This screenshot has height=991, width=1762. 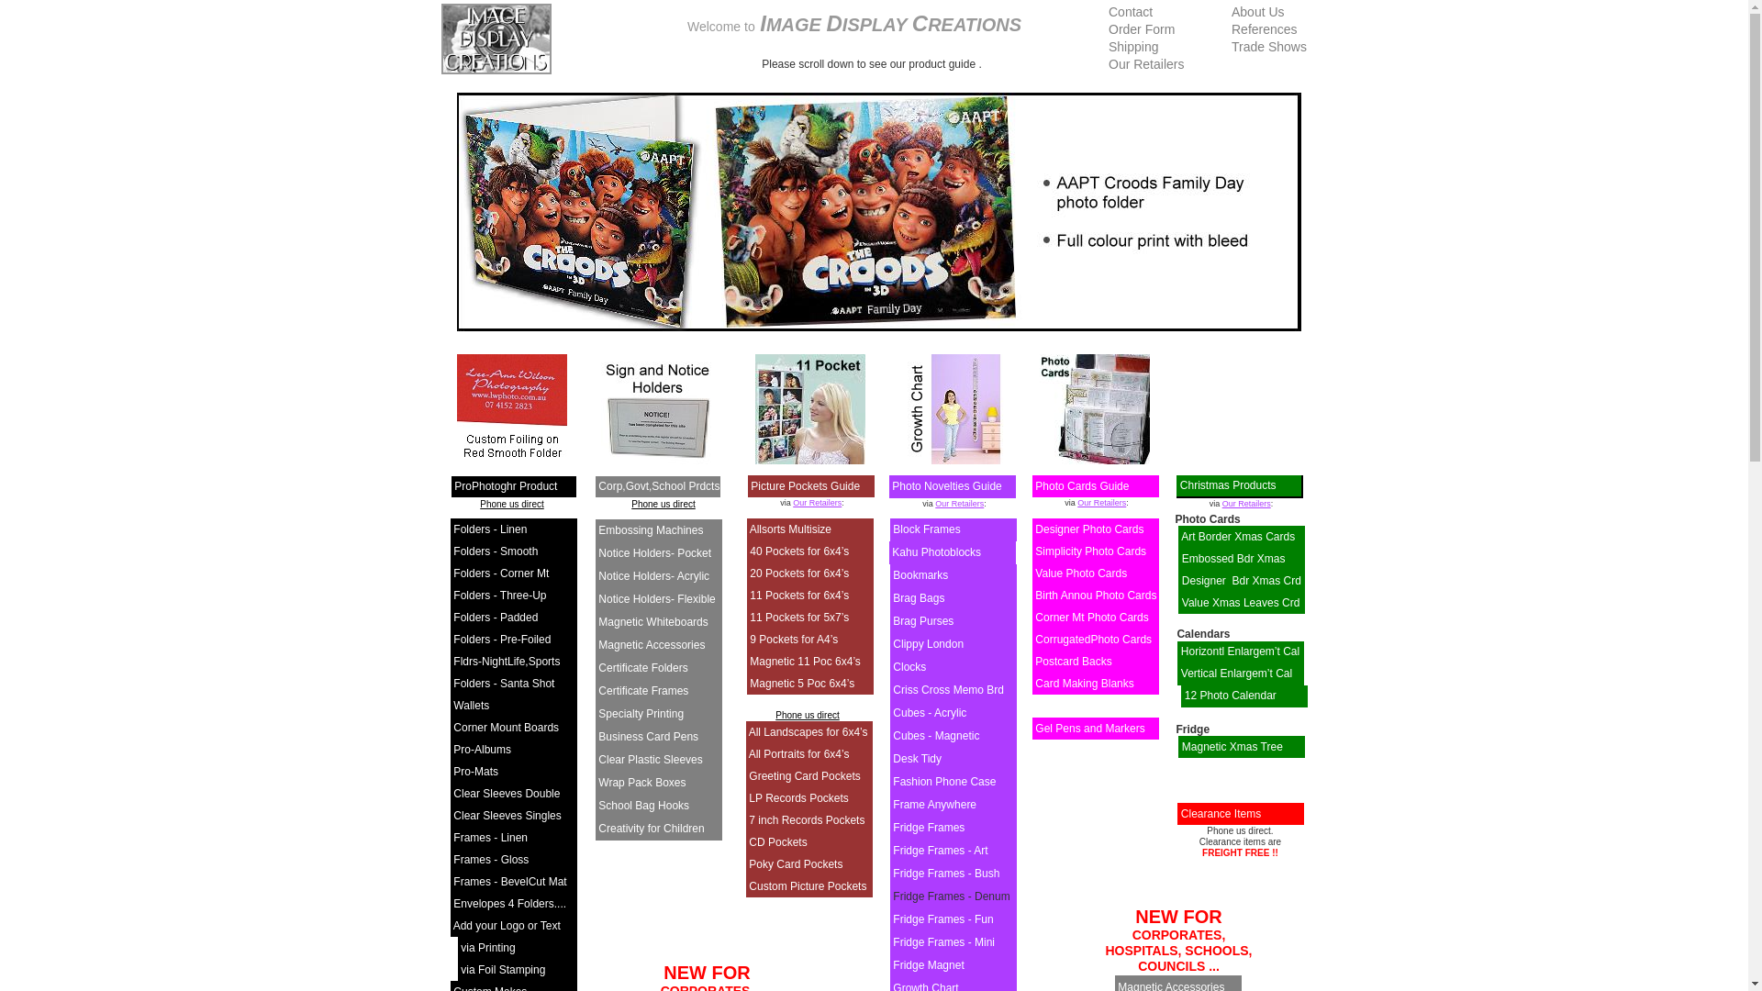 I want to click on 'Allsorts Multisize', so click(x=790, y=529).